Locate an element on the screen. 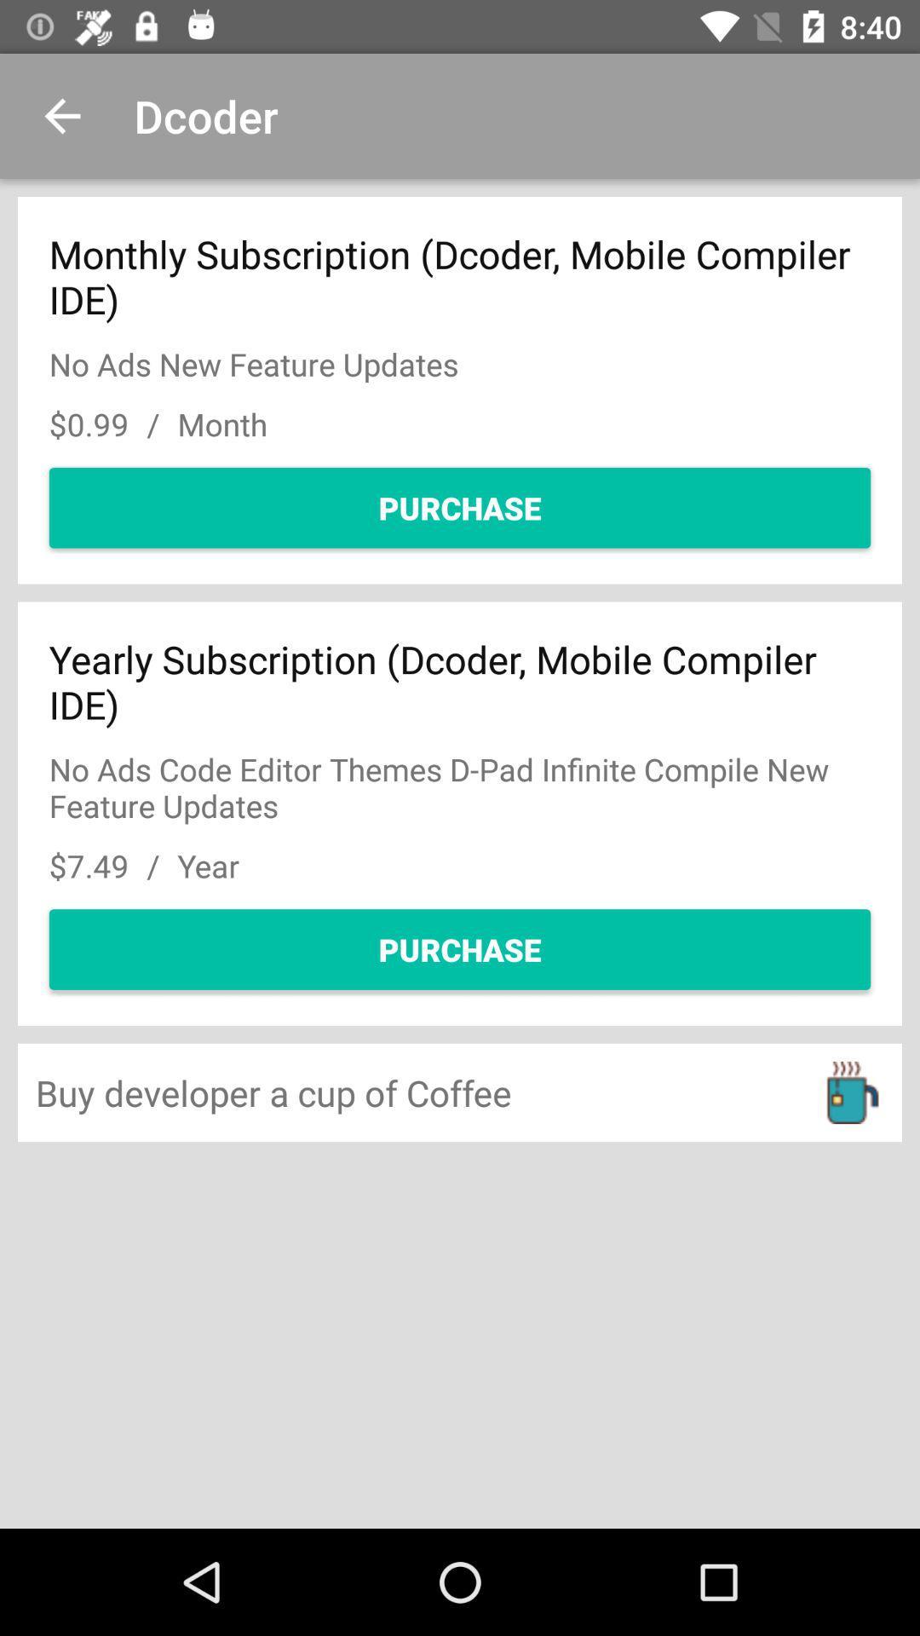 Image resolution: width=920 pixels, height=1636 pixels. move to the icon at the right bottom corner of the page is located at coordinates (853, 1092).